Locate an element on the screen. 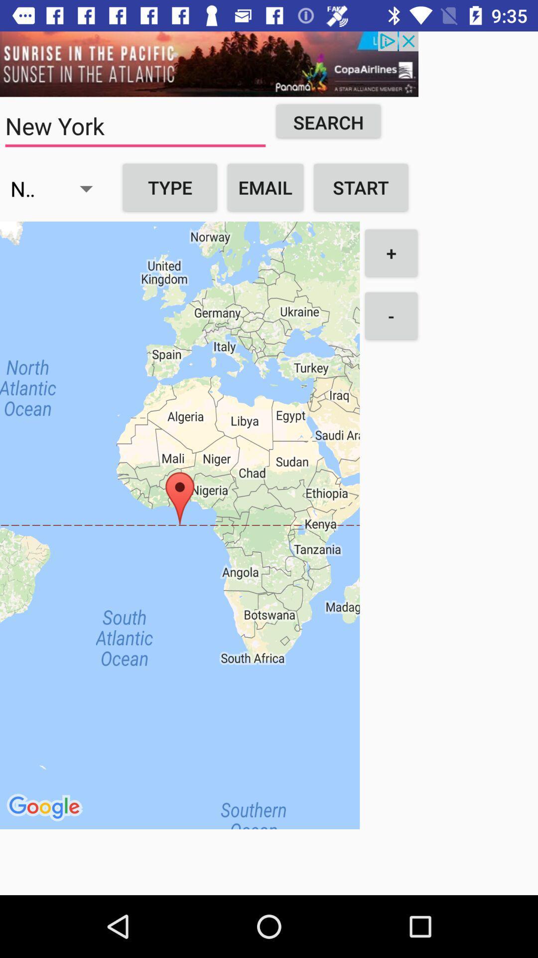 Image resolution: width=538 pixels, height=958 pixels. open advertisement is located at coordinates (209, 63).